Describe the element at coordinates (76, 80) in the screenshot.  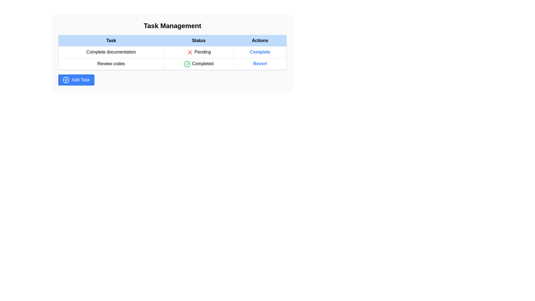
I see `the 'Add Task' button located at the bottom-left area of the 'Task Management' section` at that location.